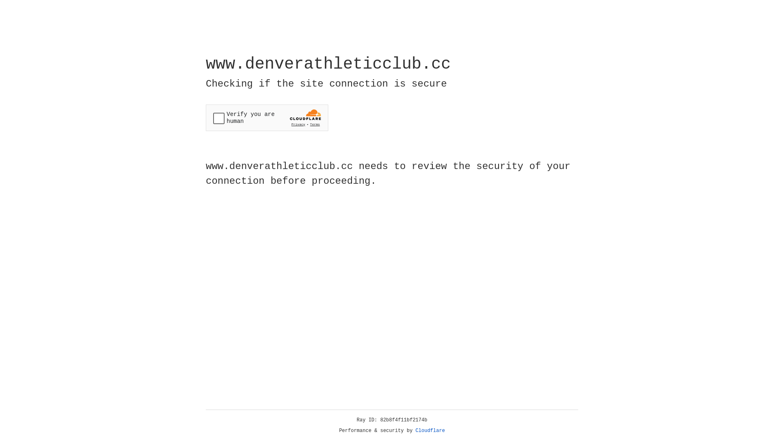 The width and height of the screenshot is (784, 441). Describe the element at coordinates (430, 430) in the screenshot. I see `'Cloudflare'` at that location.